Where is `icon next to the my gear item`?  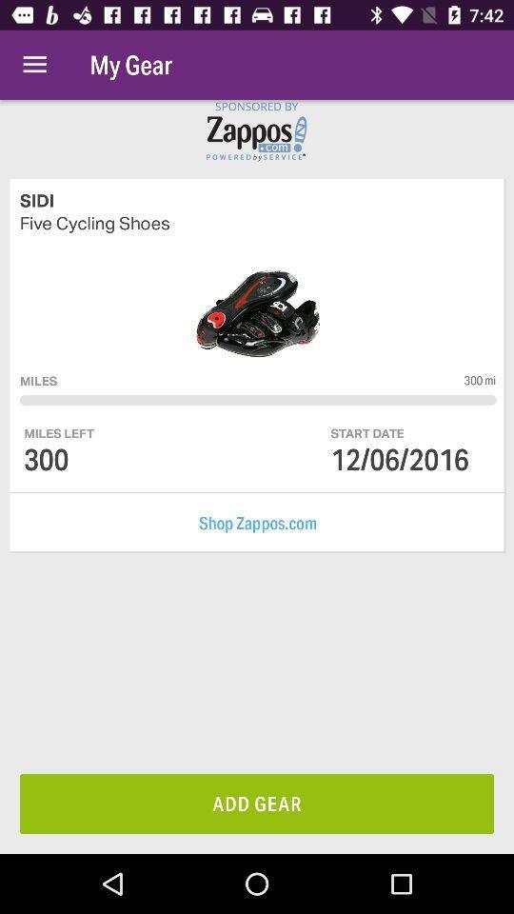 icon next to the my gear item is located at coordinates (34, 65).